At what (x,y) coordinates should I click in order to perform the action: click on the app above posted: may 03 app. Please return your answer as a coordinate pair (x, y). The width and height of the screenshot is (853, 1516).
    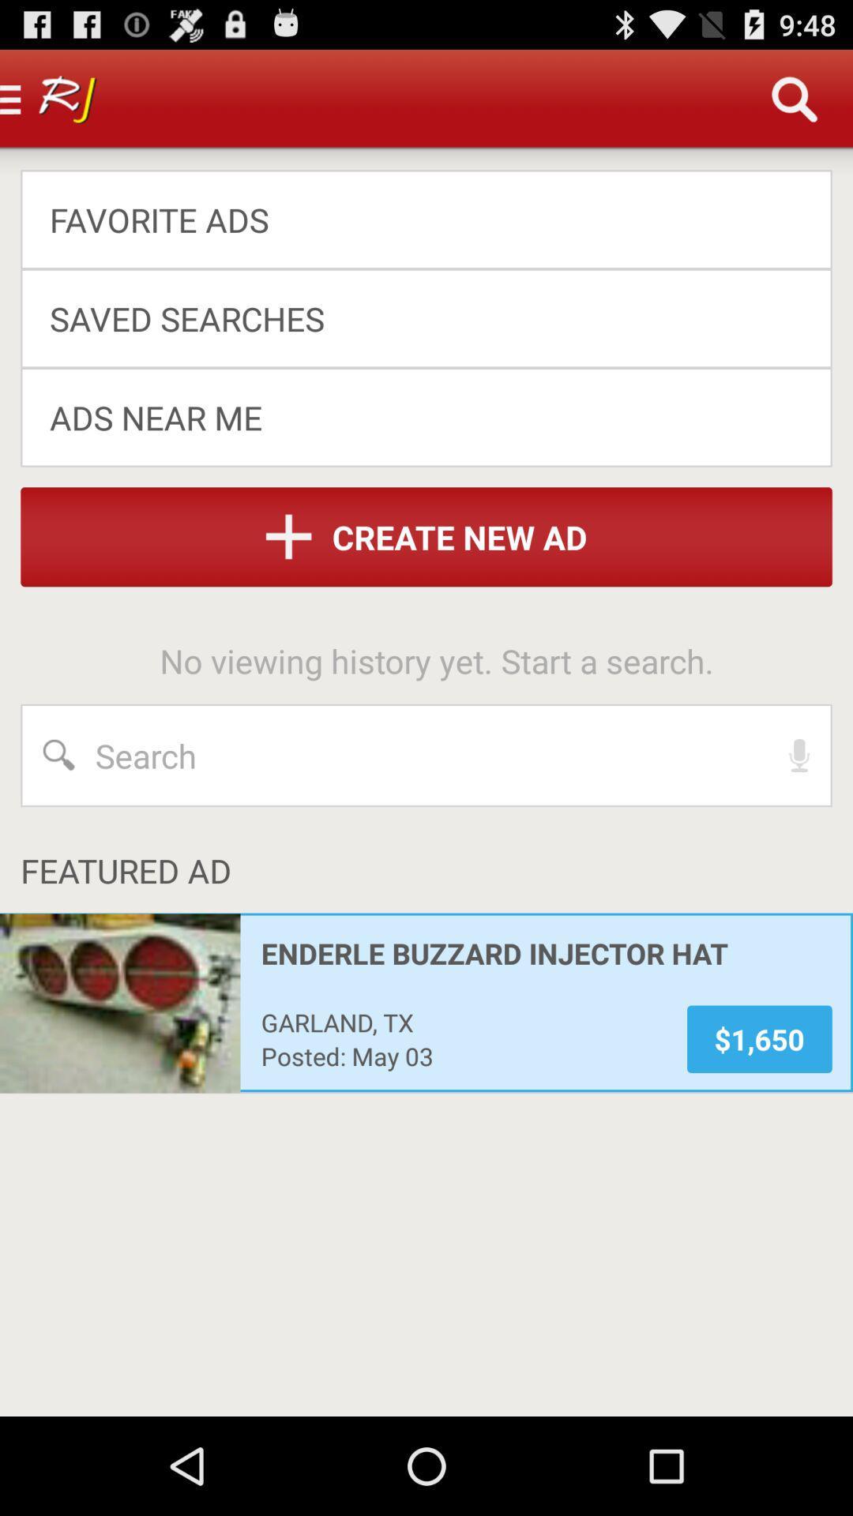
    Looking at the image, I should click on (463, 1022).